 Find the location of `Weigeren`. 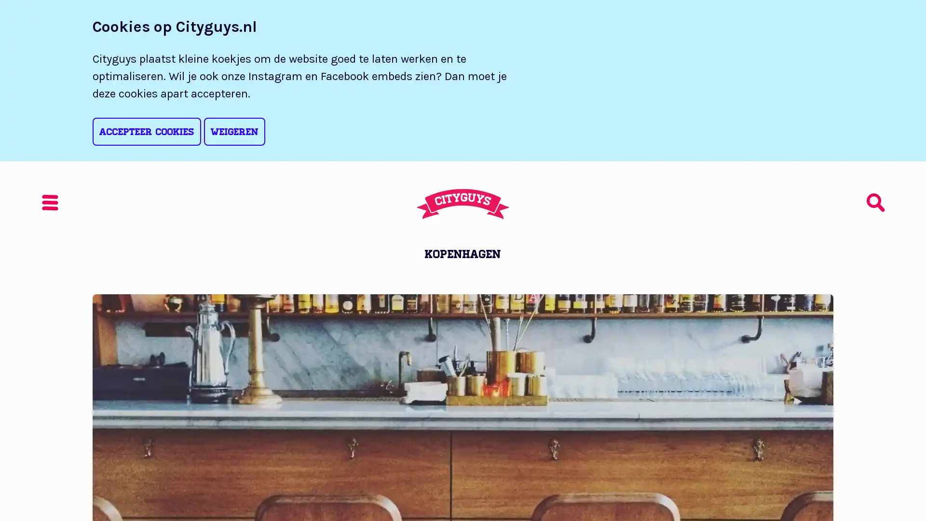

Weigeren is located at coordinates (234, 132).